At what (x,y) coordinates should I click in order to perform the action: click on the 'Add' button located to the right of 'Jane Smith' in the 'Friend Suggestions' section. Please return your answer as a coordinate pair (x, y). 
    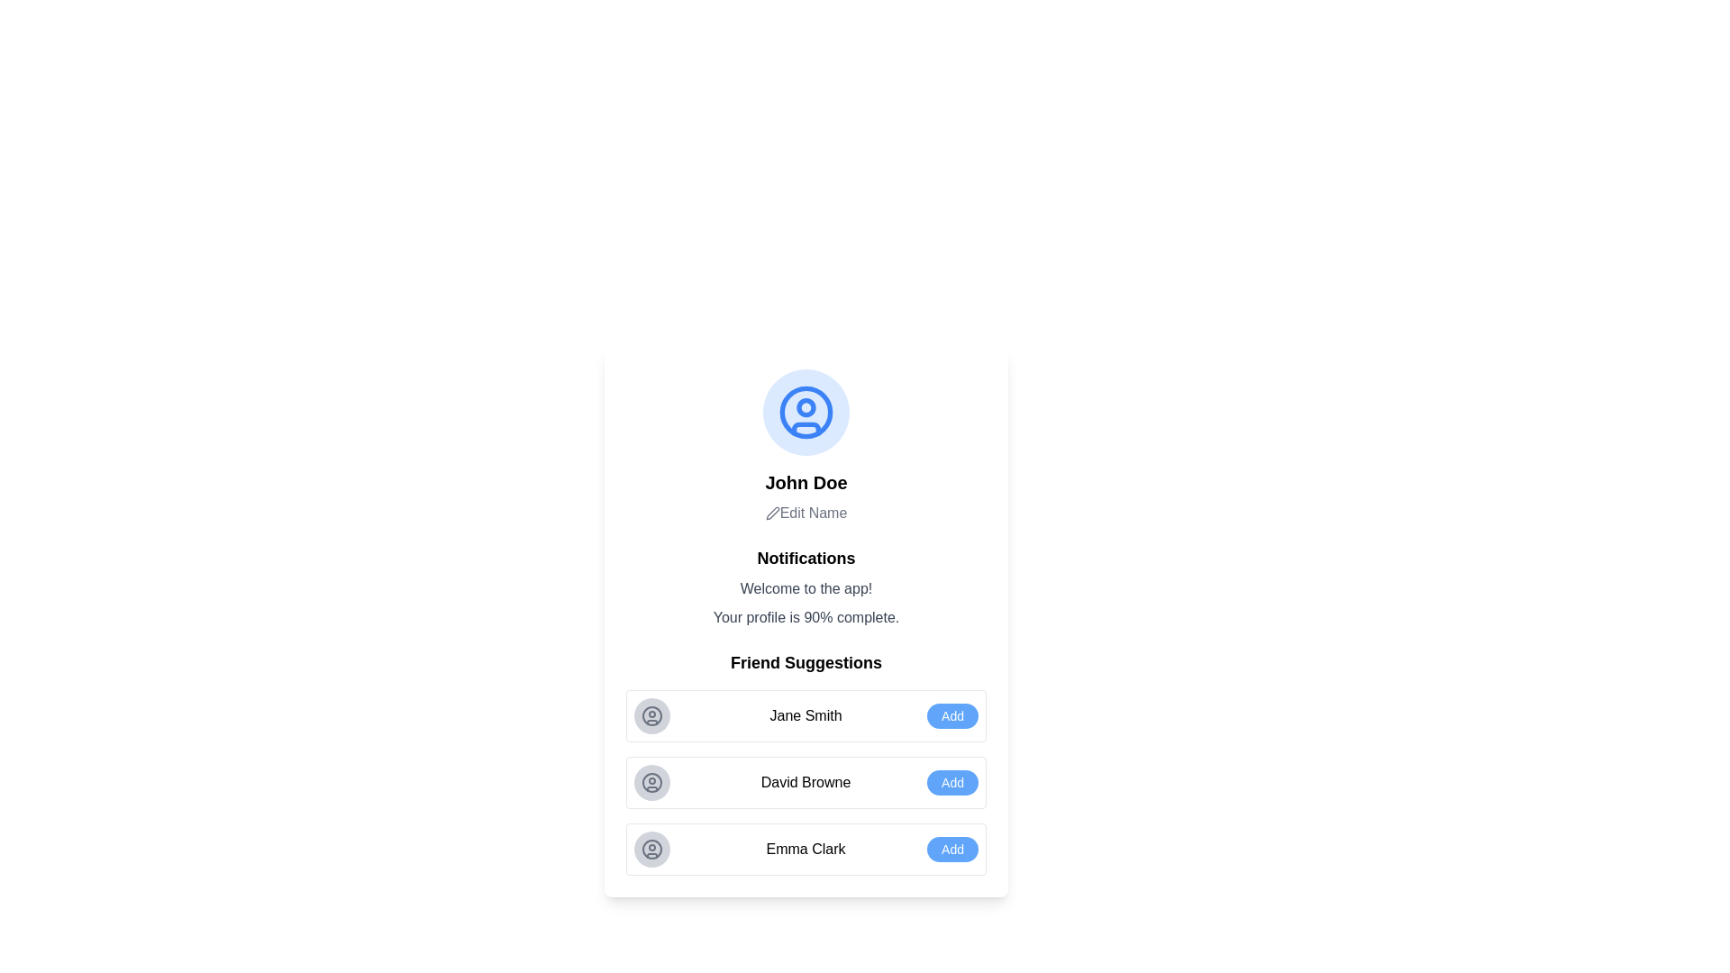
    Looking at the image, I should click on (951, 714).